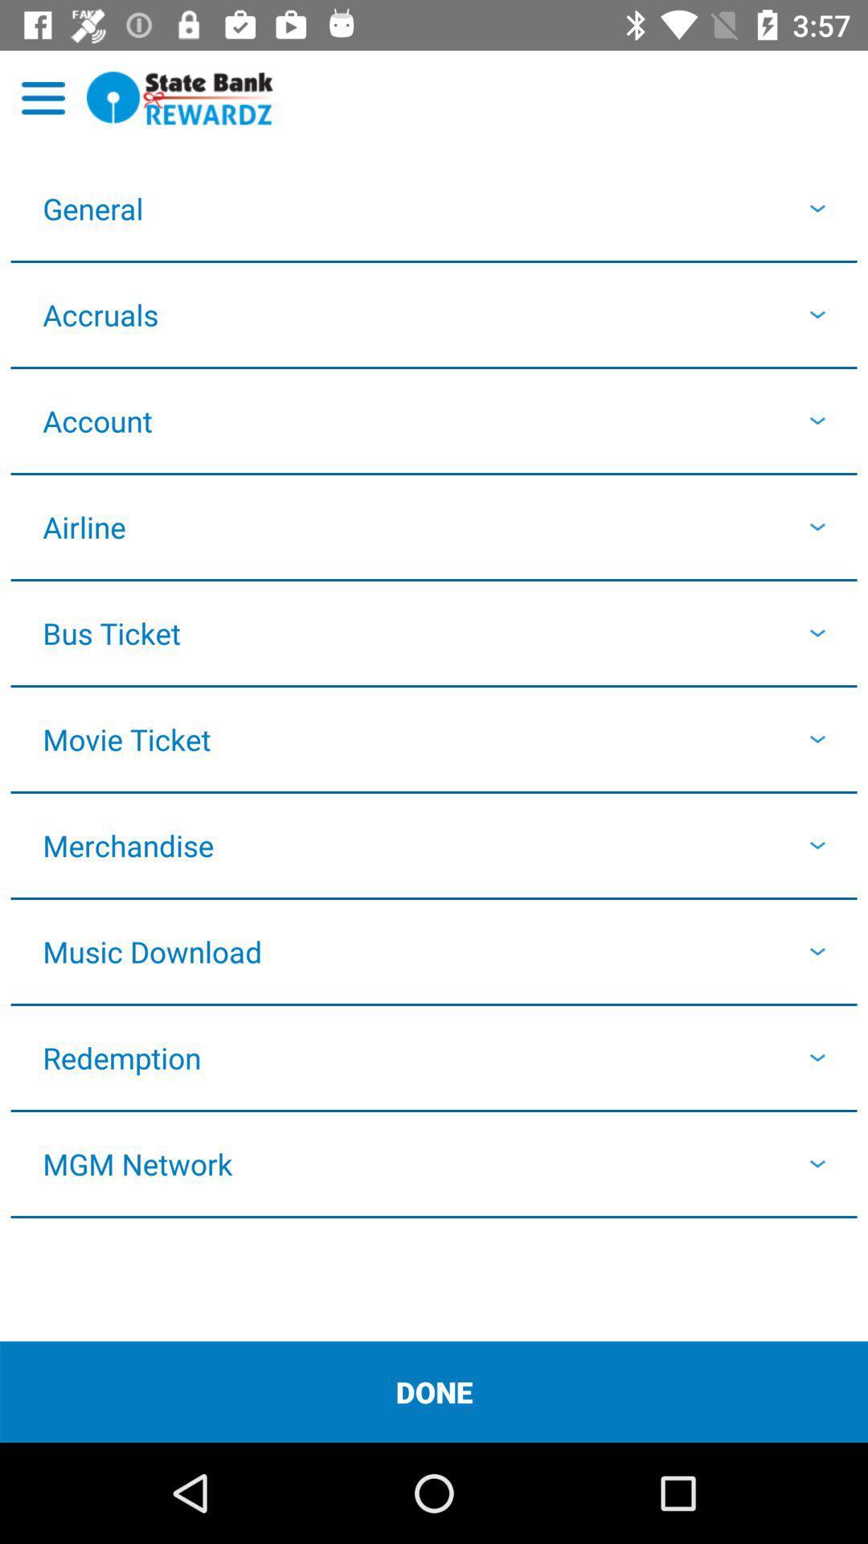 The image size is (868, 1544). Describe the element at coordinates (43, 97) in the screenshot. I see `open menu` at that location.